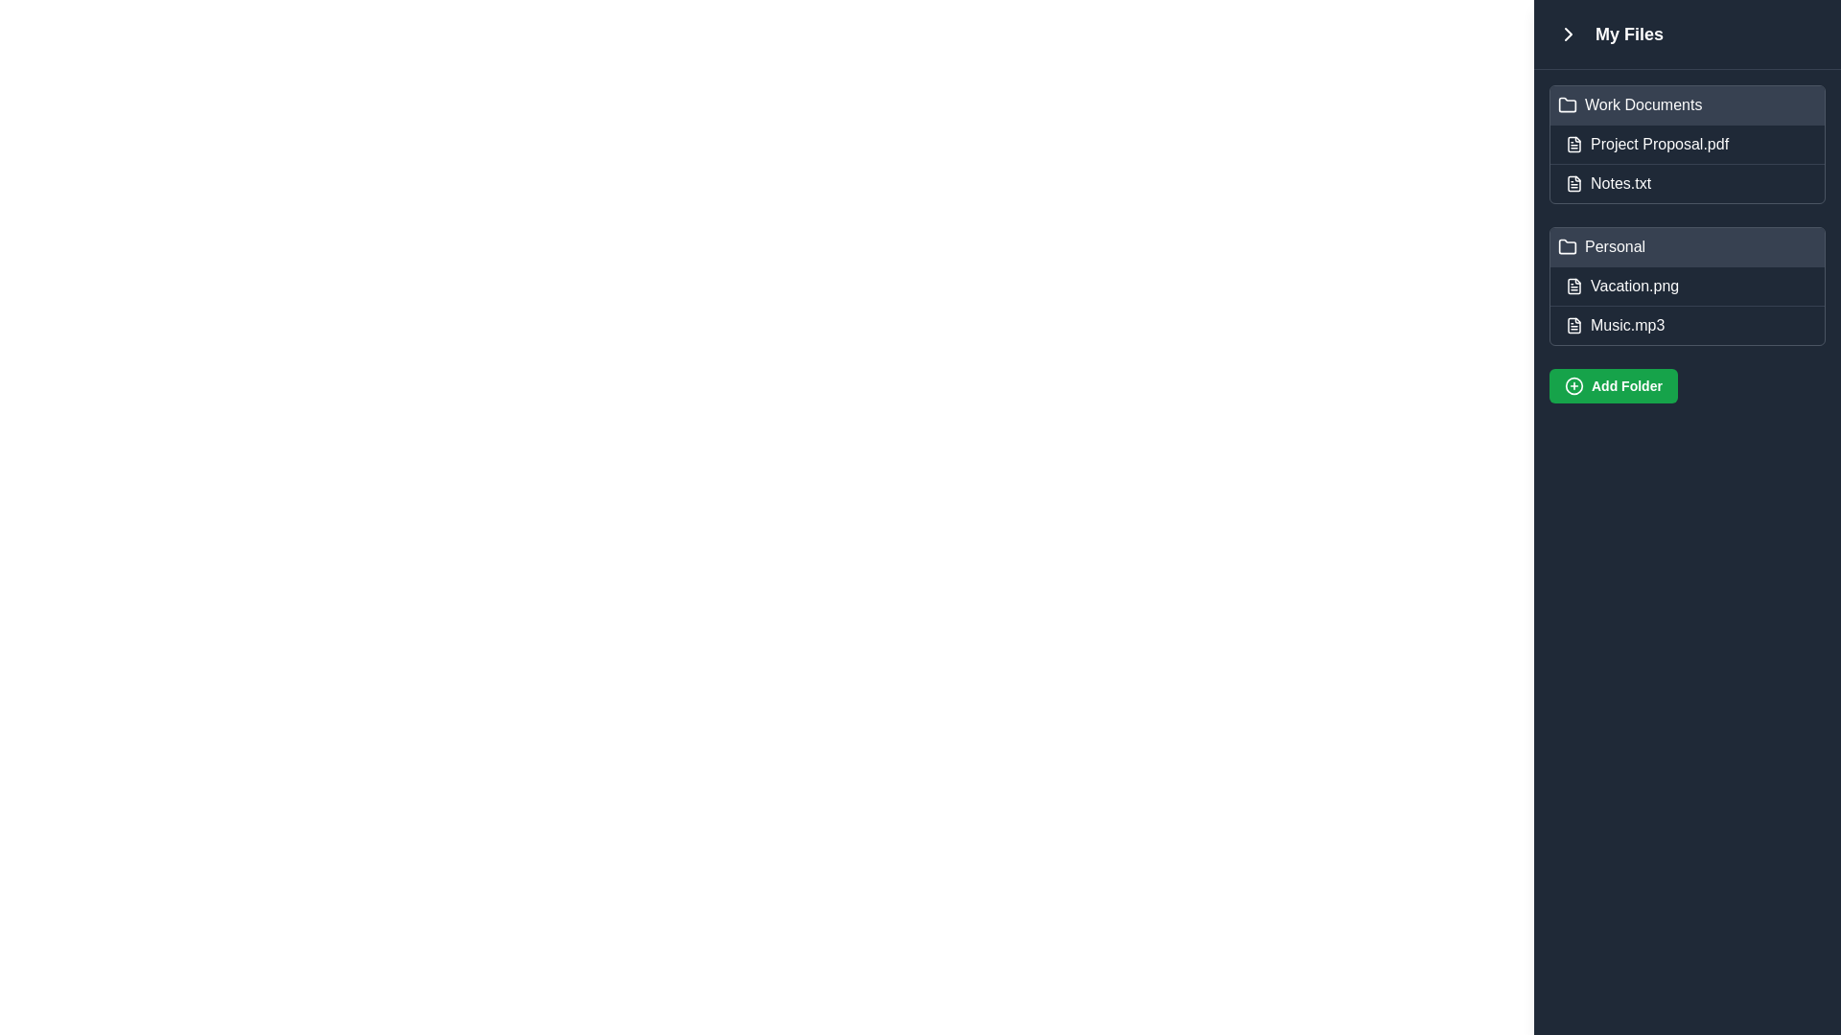 The width and height of the screenshot is (1841, 1035). I want to click on the File list item labeled 'Project Proposal.pdf', so click(1688, 143).